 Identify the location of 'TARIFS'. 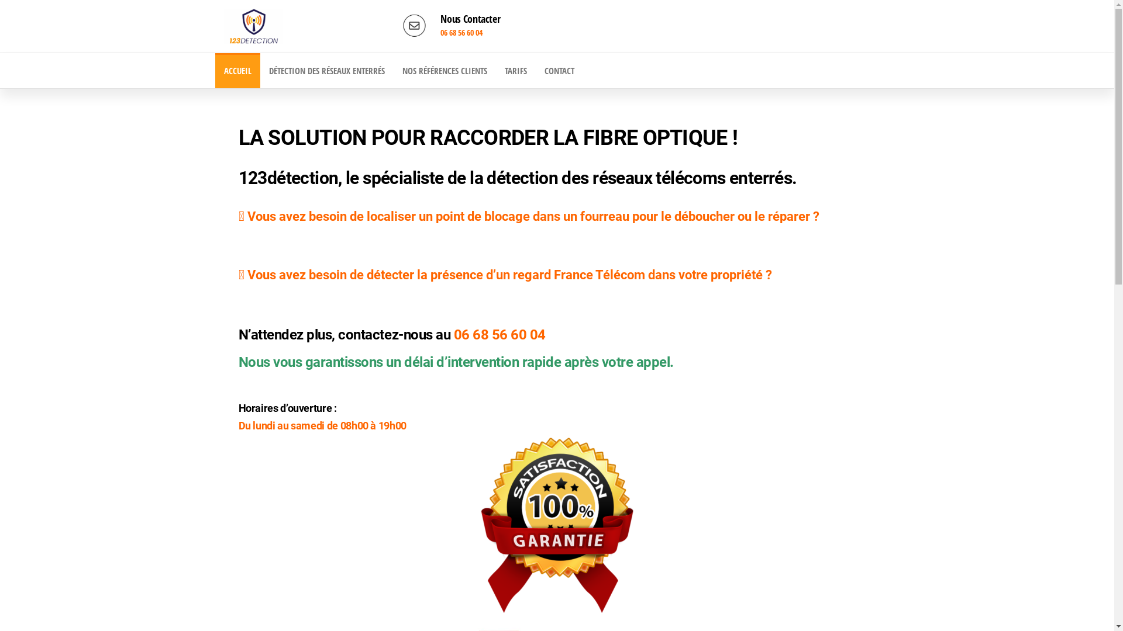
(515, 70).